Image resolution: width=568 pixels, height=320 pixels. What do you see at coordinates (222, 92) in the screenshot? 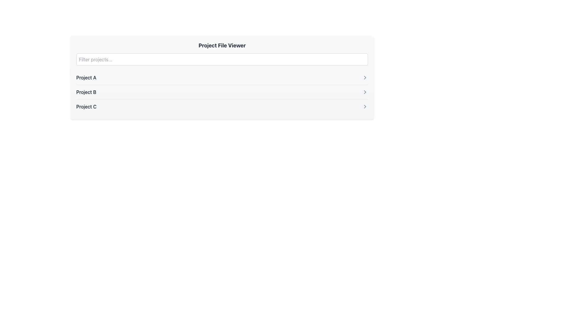
I see `to select the List Item displaying 'Project B', which is the second entry in a vertical selection list` at bounding box center [222, 92].